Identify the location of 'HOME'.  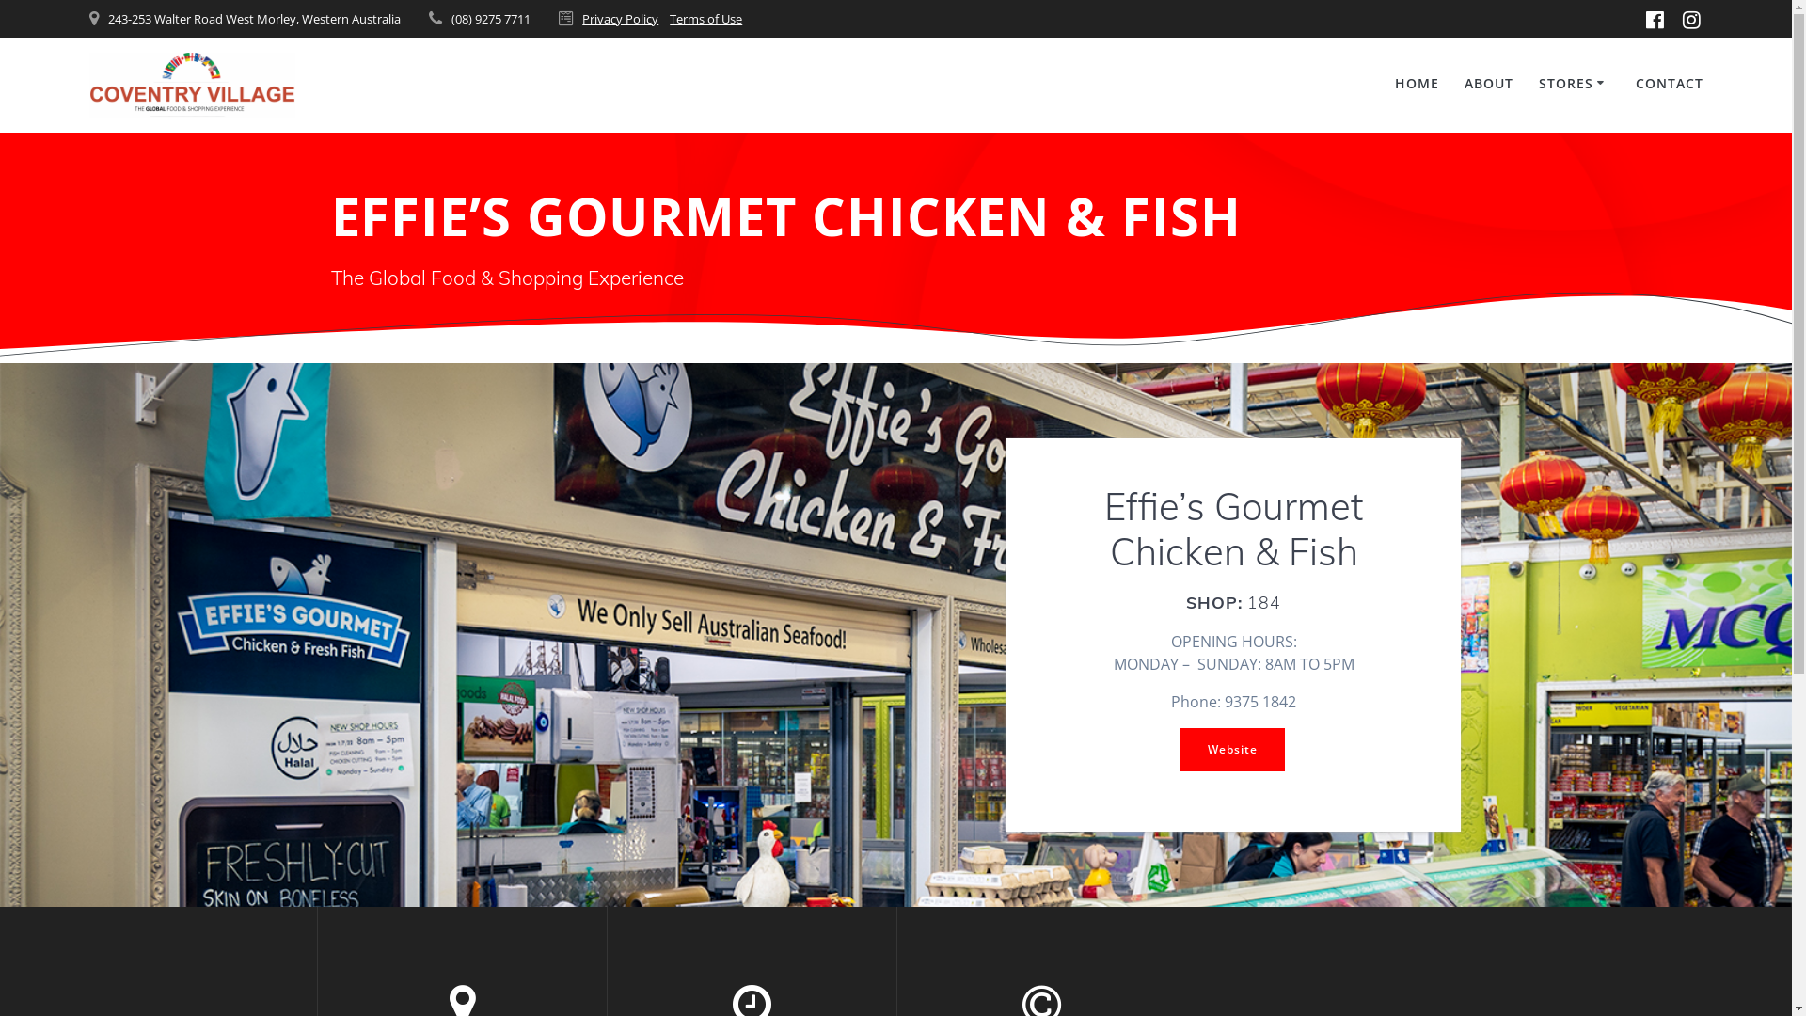
(1417, 85).